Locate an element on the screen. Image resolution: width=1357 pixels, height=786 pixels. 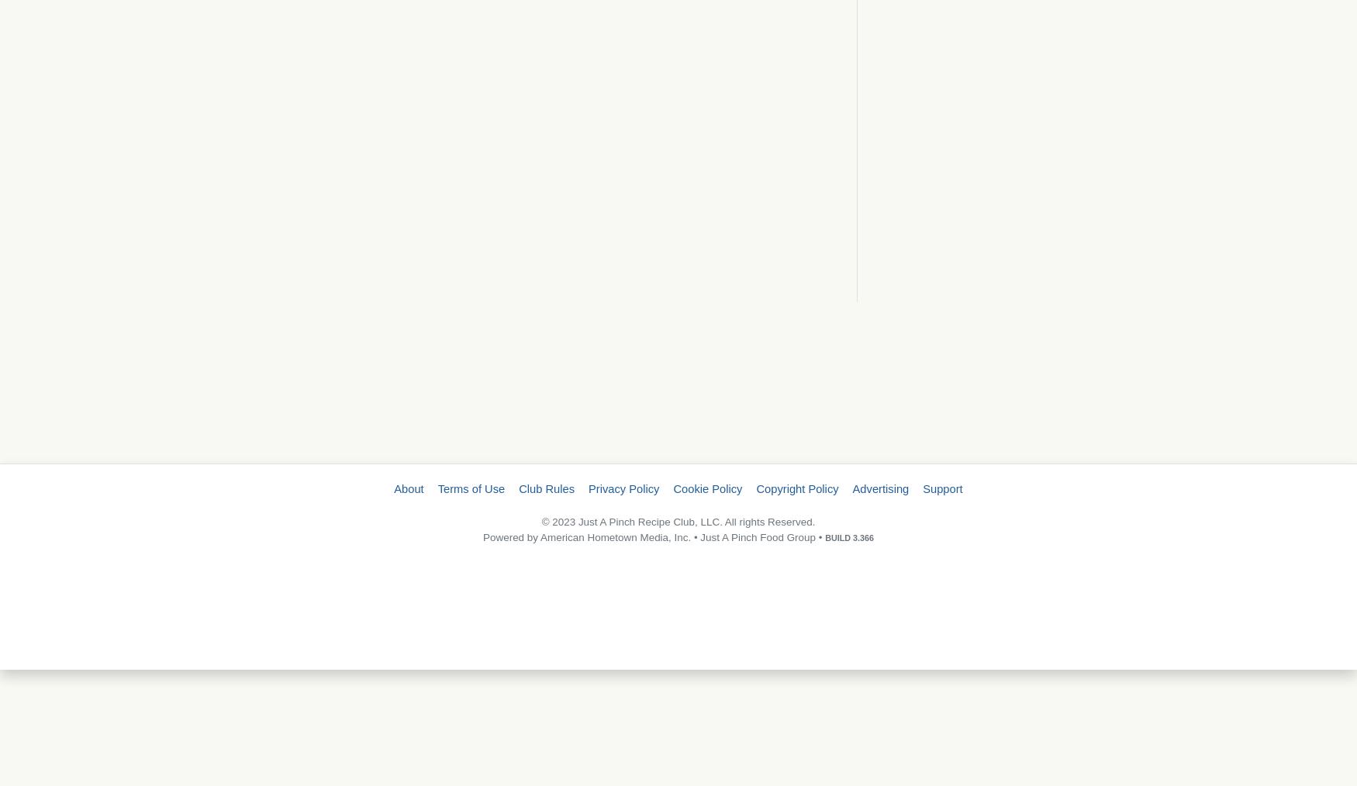
'Club Rules' is located at coordinates (547, 489).